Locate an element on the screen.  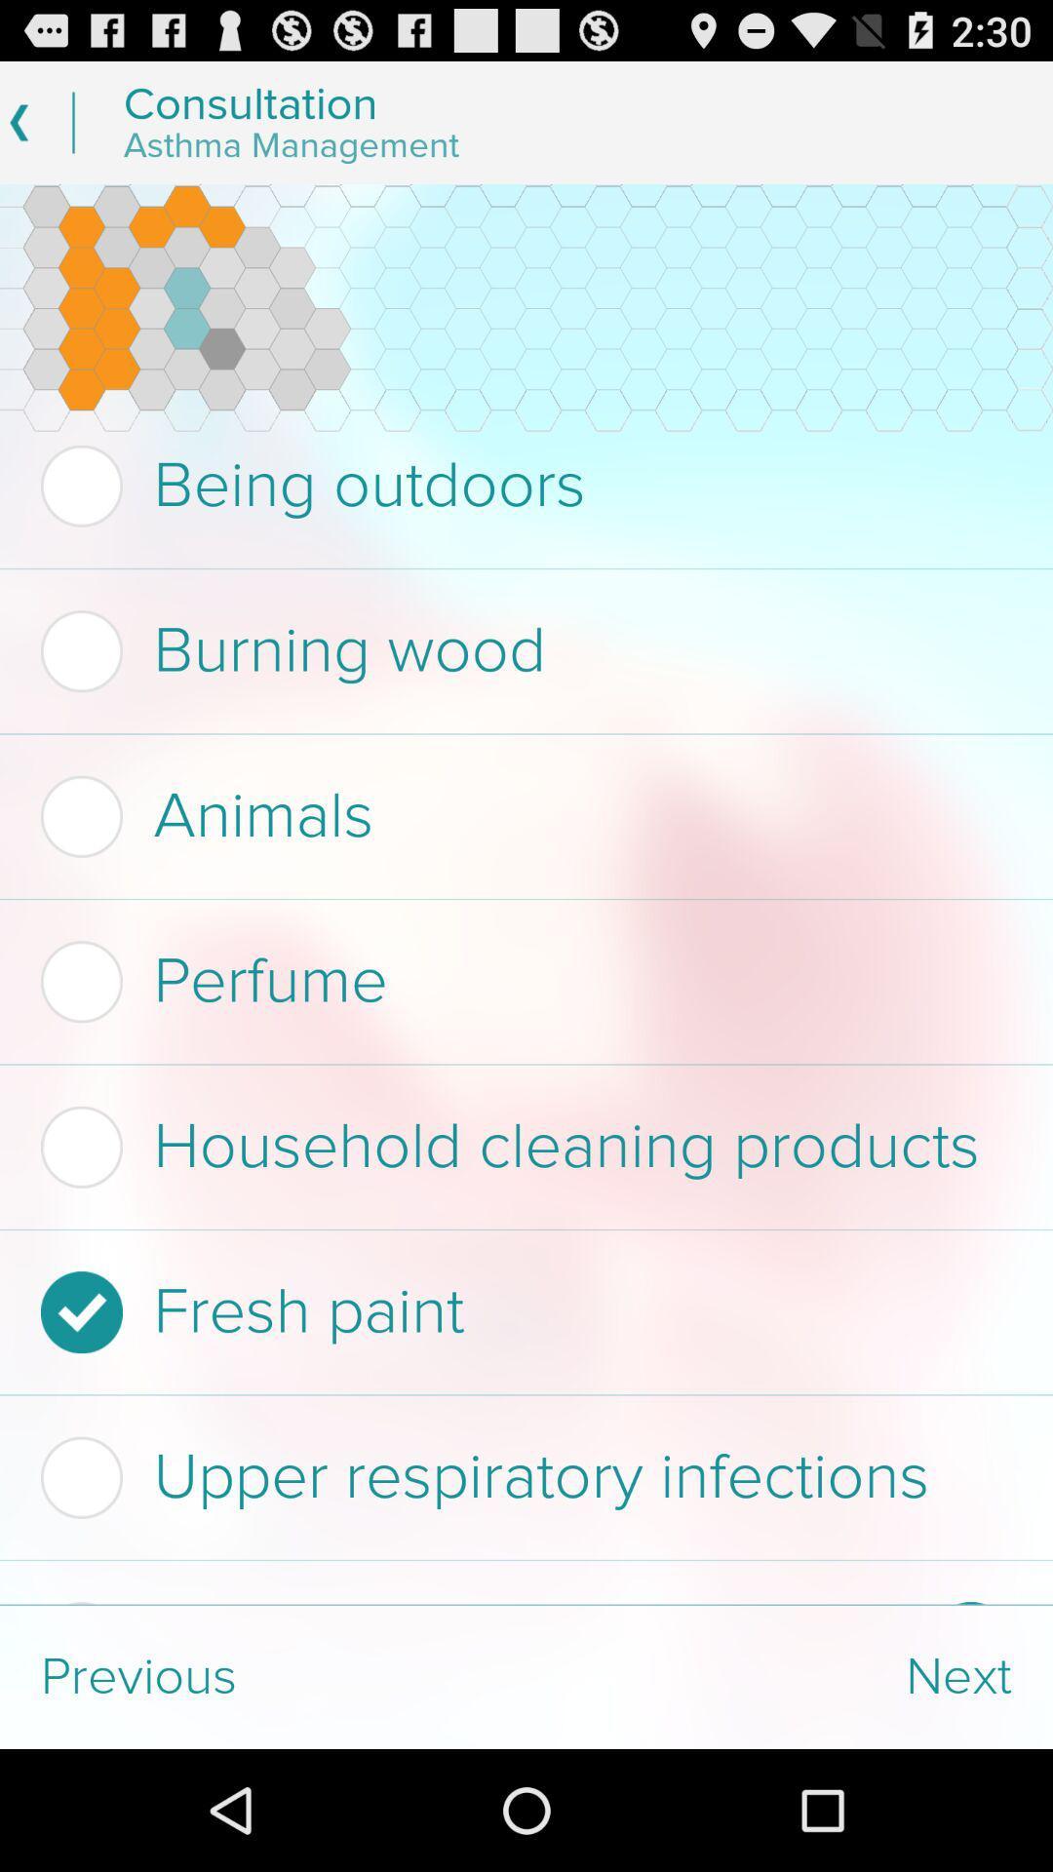
item at the bottom left corner is located at coordinates (263, 1676).